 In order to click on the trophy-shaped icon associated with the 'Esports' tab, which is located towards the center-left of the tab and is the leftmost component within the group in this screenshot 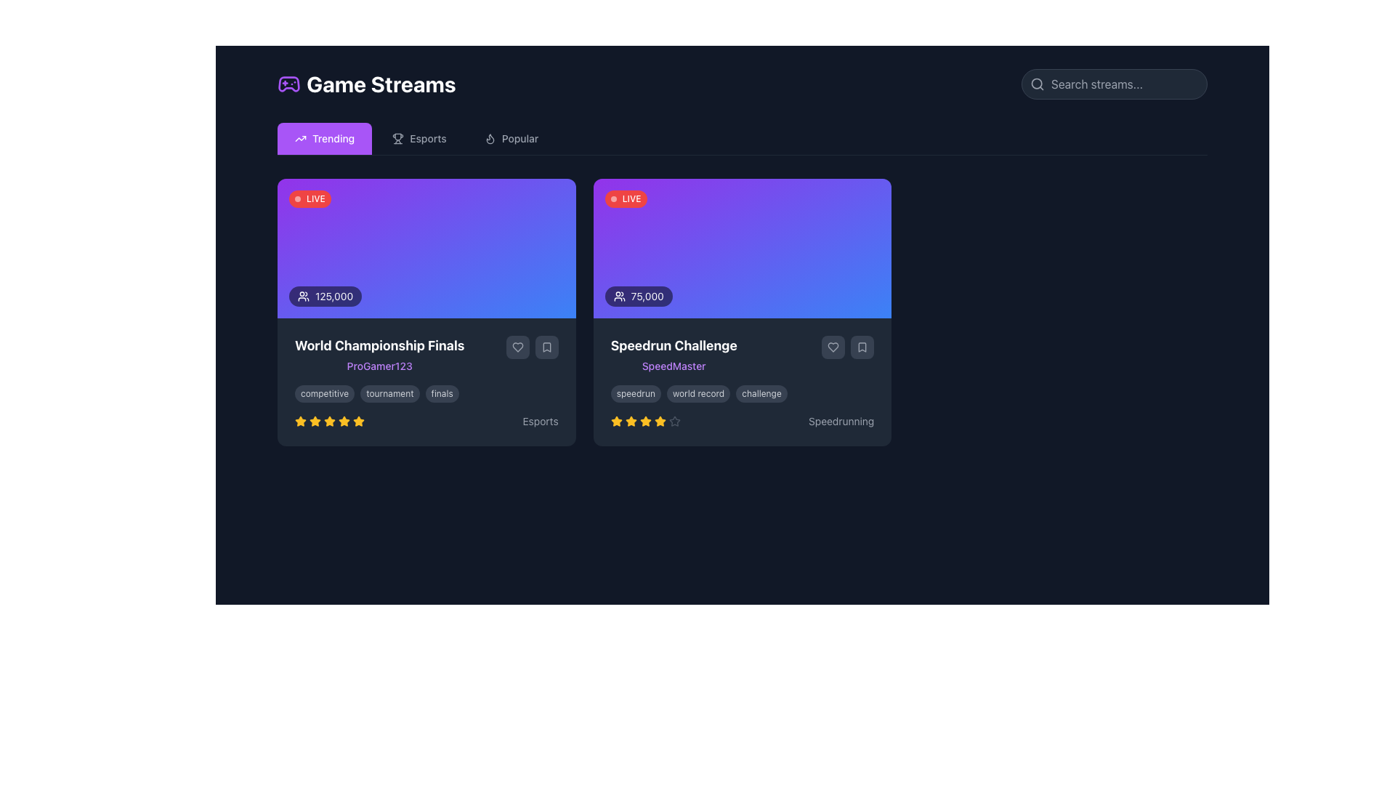, I will do `click(398, 139)`.